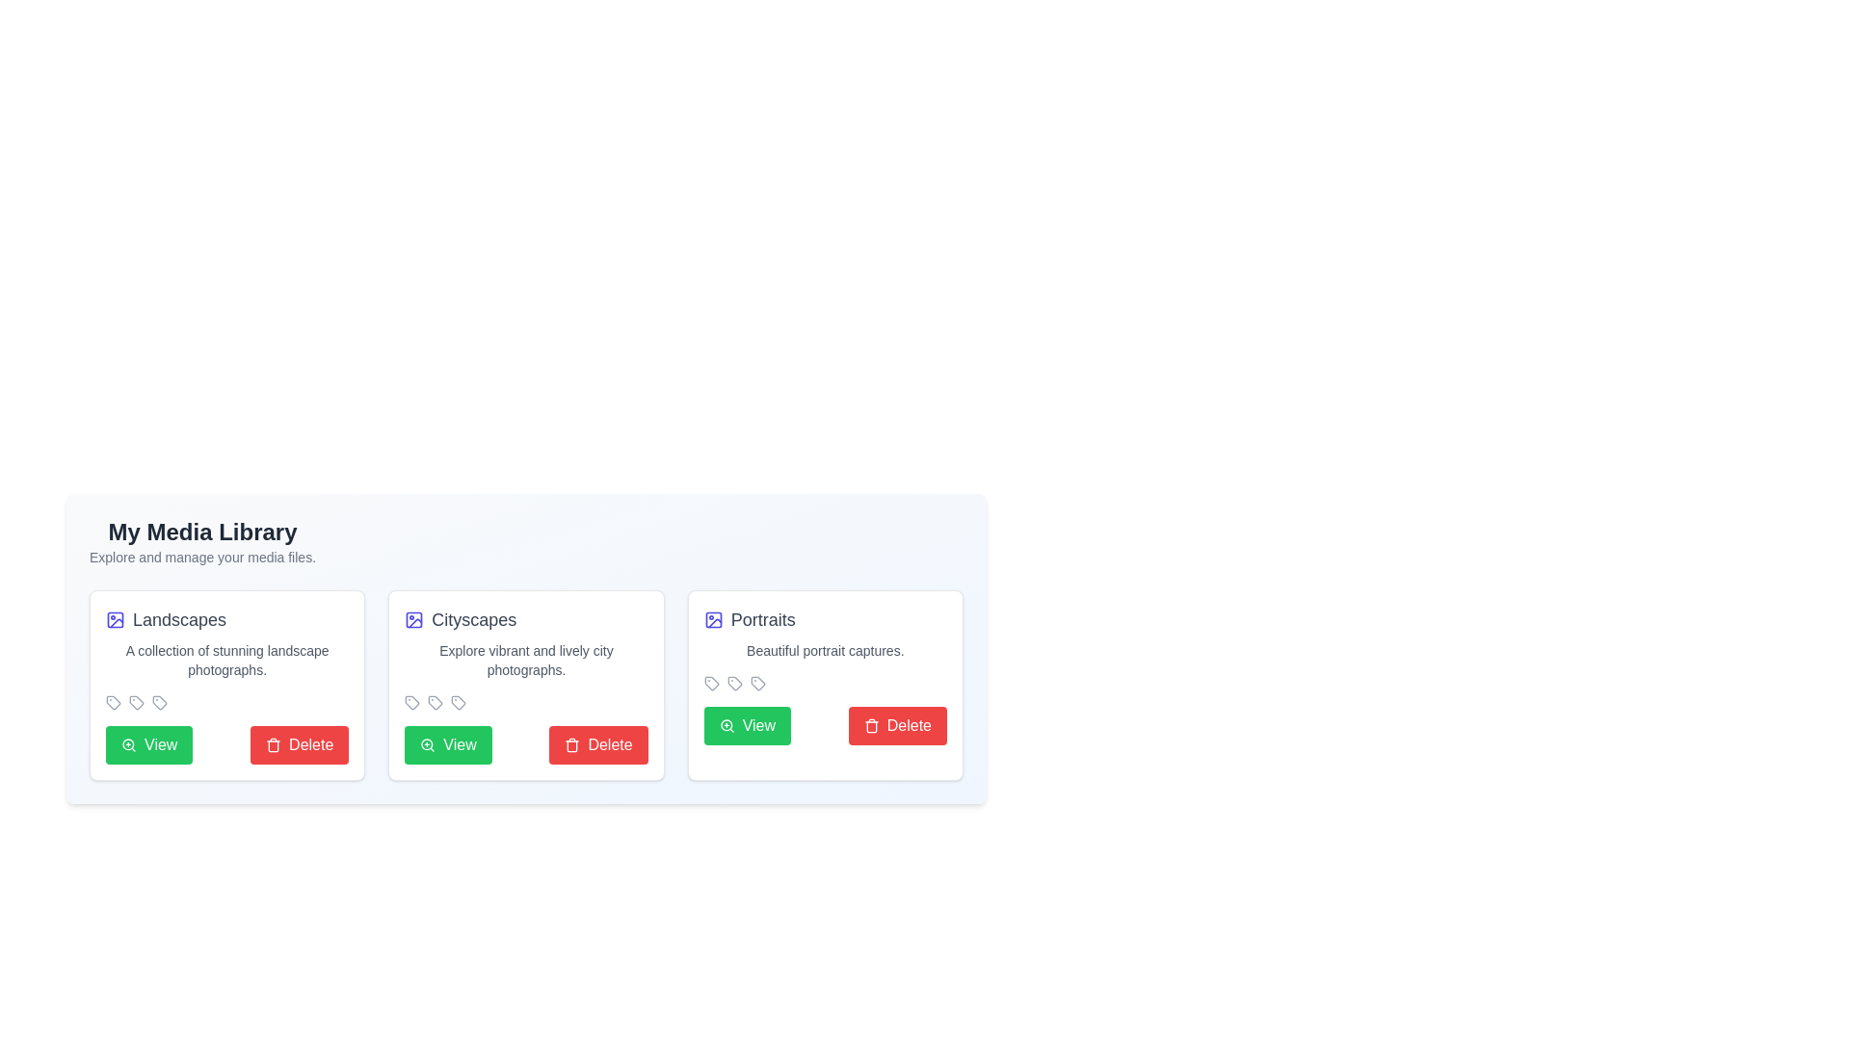  I want to click on graphical icon resembling a tag, which is the first tag icon in the 'Portraits' card of the media library interface, so click(710, 682).